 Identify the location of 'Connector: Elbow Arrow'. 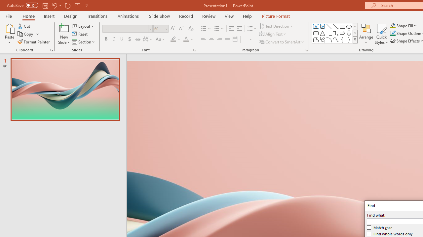
(336, 33).